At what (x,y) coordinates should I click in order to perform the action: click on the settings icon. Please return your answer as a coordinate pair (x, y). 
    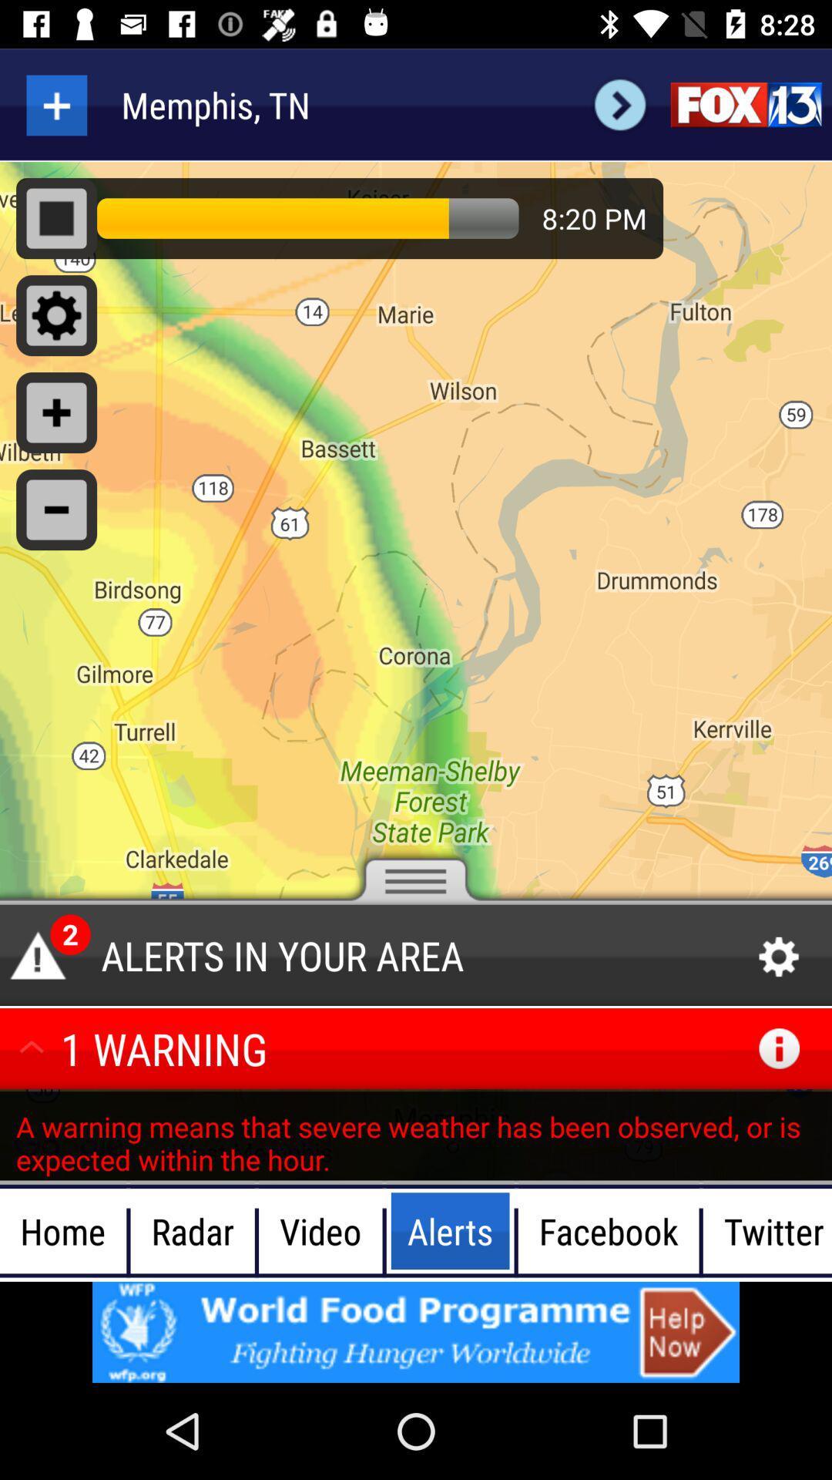
    Looking at the image, I should click on (779, 957).